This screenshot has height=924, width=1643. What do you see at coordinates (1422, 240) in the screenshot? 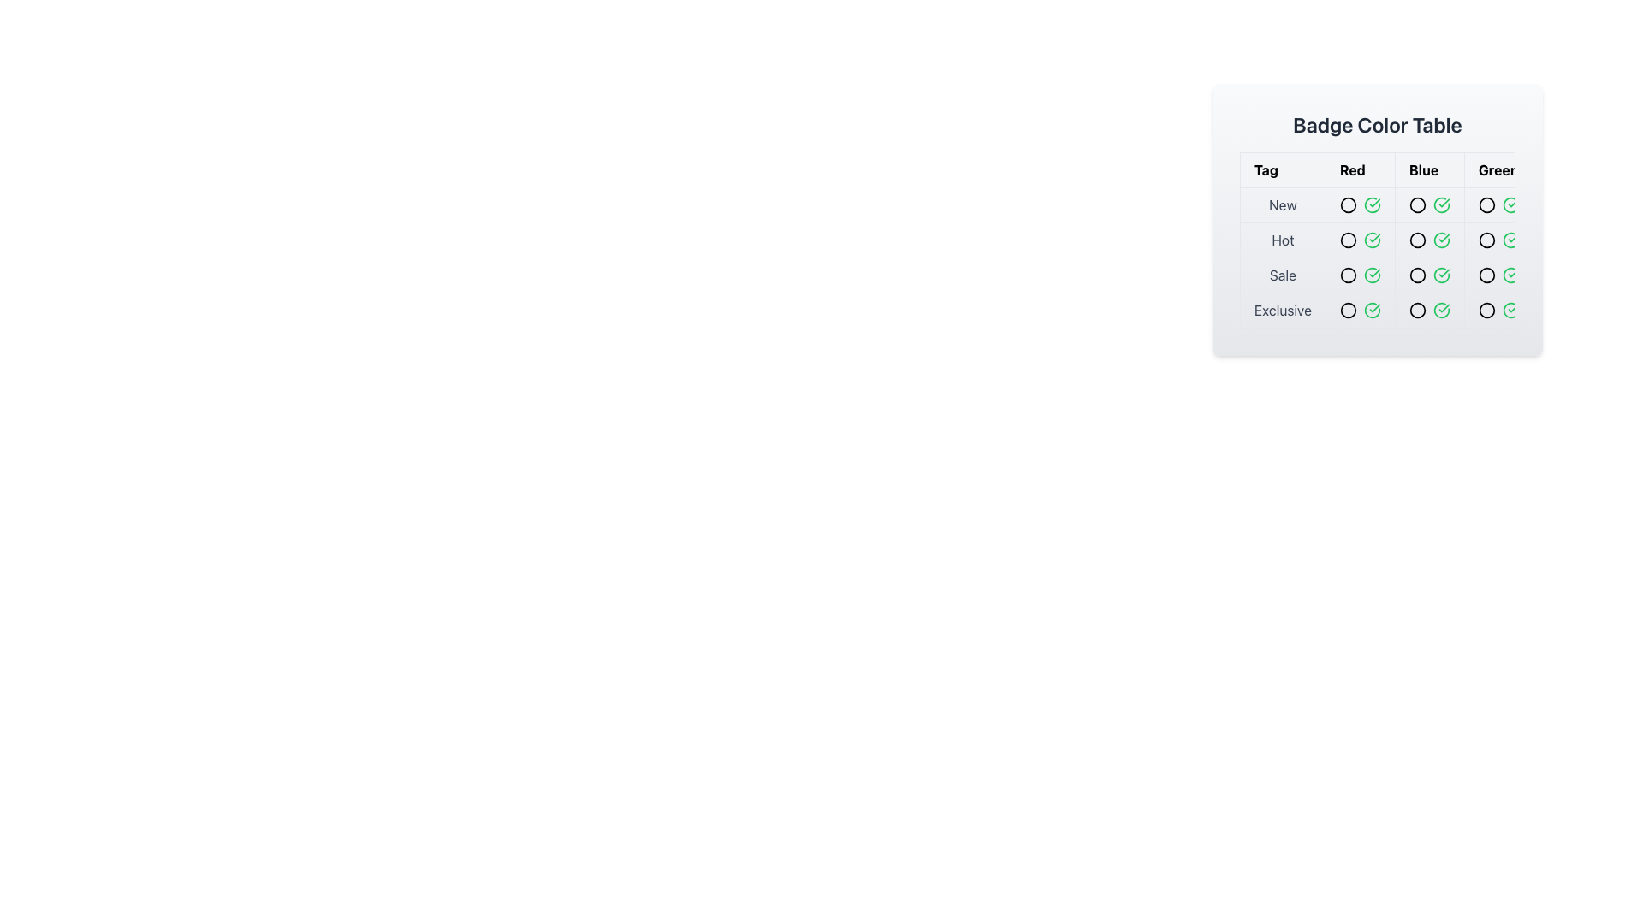
I see `the circular indicator icon representing the 'Blue' category for the 'Hot' tag` at bounding box center [1422, 240].